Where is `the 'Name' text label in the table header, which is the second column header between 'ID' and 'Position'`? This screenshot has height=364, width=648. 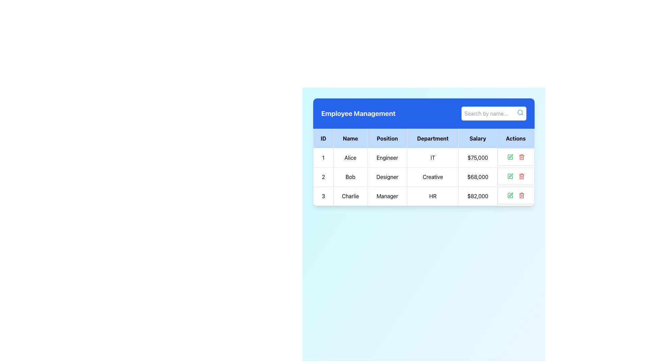 the 'Name' text label in the table header, which is the second column header between 'ID' and 'Position' is located at coordinates (350, 138).